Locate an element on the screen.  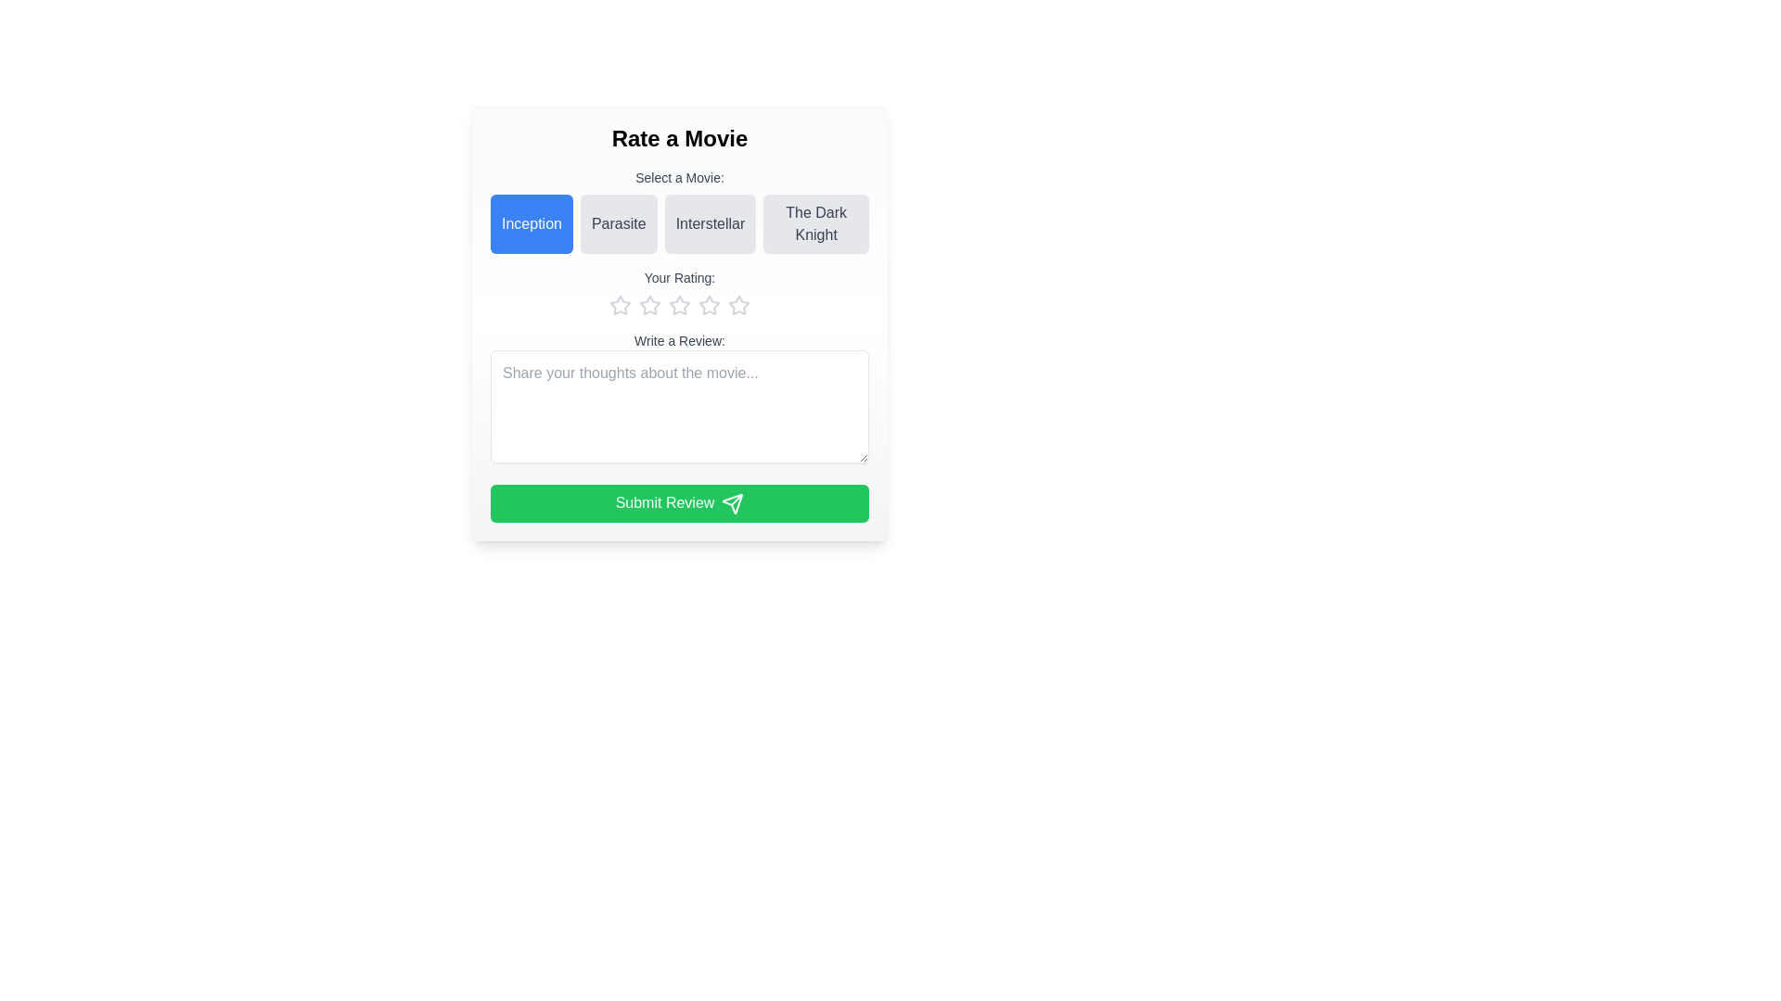
the fifth star icon in the rating widget to assign a rating of five out of five is located at coordinates (737, 305).